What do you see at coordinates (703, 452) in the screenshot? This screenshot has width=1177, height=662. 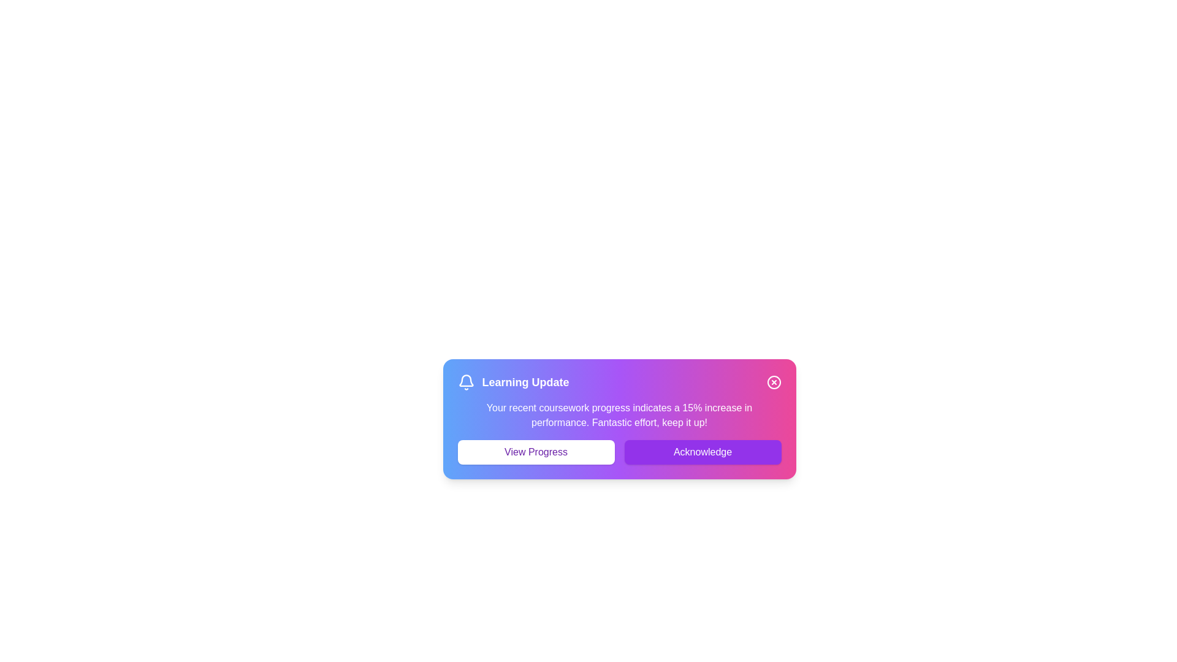 I see `the 'Acknowledge' button to acknowledge the alert` at bounding box center [703, 452].